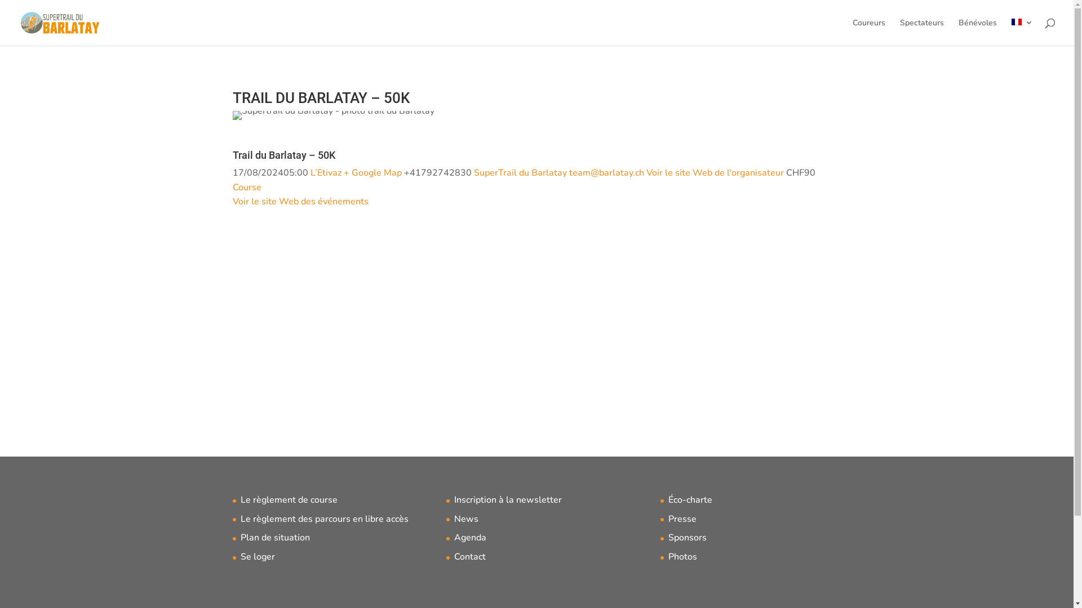  I want to click on 'Coureurs', so click(852, 32).